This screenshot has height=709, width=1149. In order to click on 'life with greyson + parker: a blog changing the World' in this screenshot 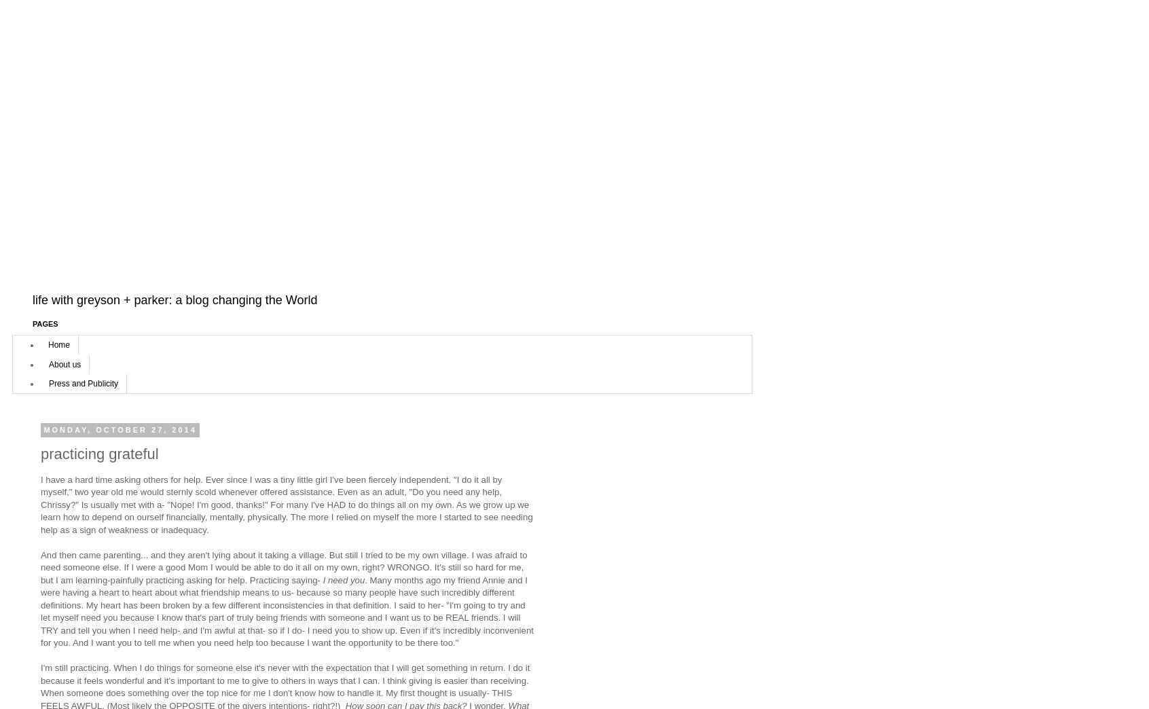, I will do `click(175, 299)`.